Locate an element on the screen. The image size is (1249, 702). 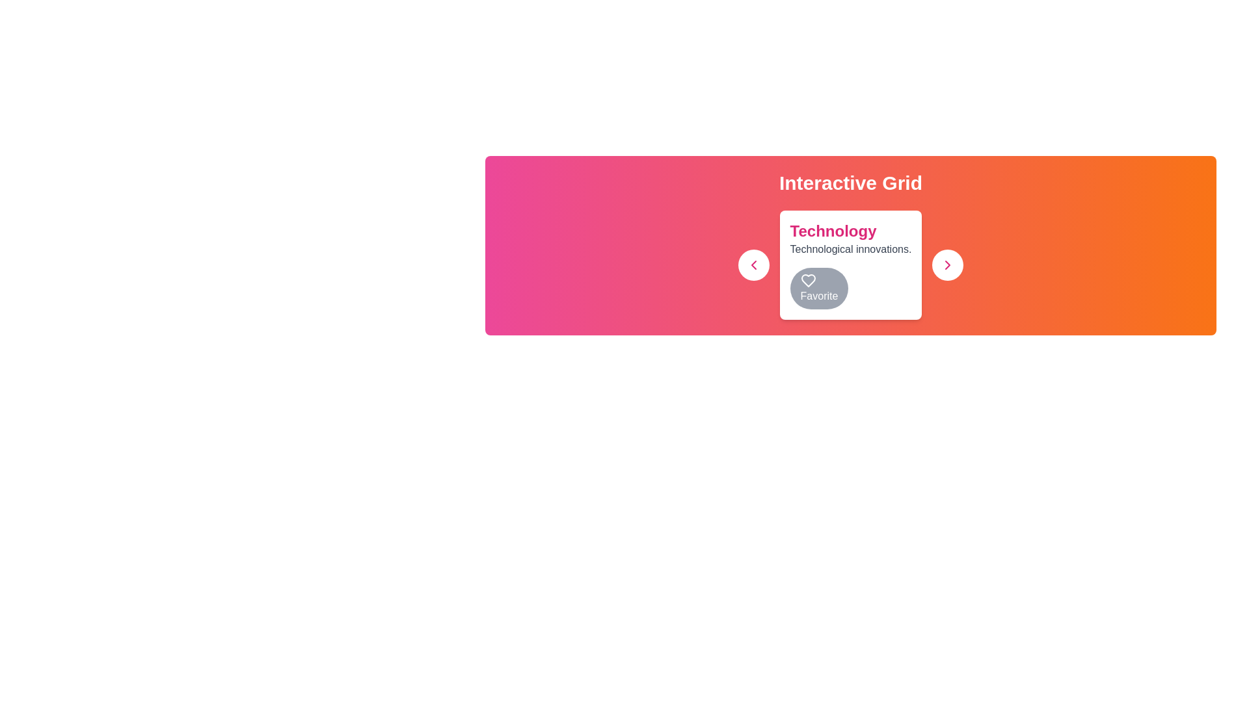
the Chevron icon located within the right navigation button is located at coordinates (948, 265).